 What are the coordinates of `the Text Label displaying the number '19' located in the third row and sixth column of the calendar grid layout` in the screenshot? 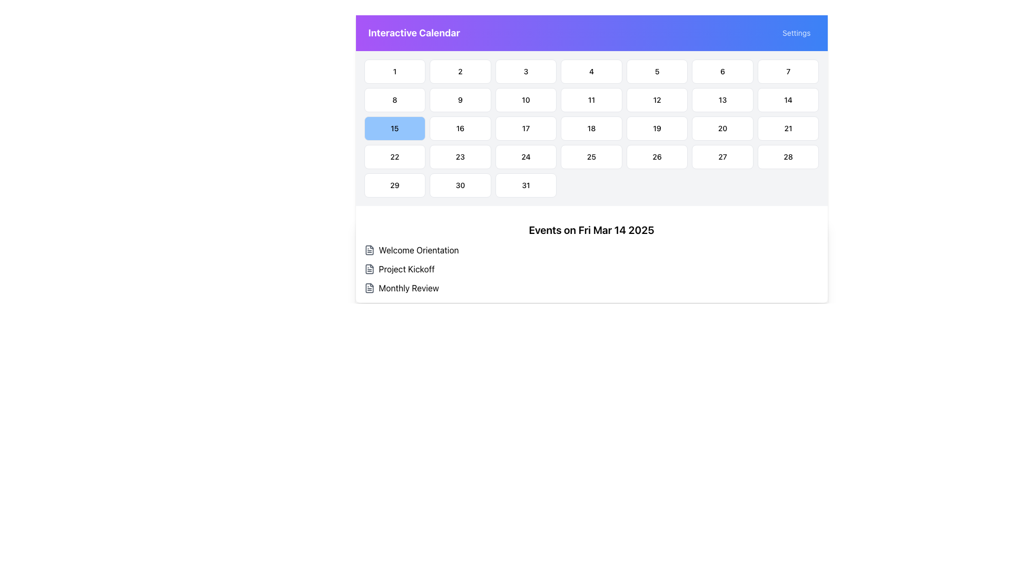 It's located at (657, 127).